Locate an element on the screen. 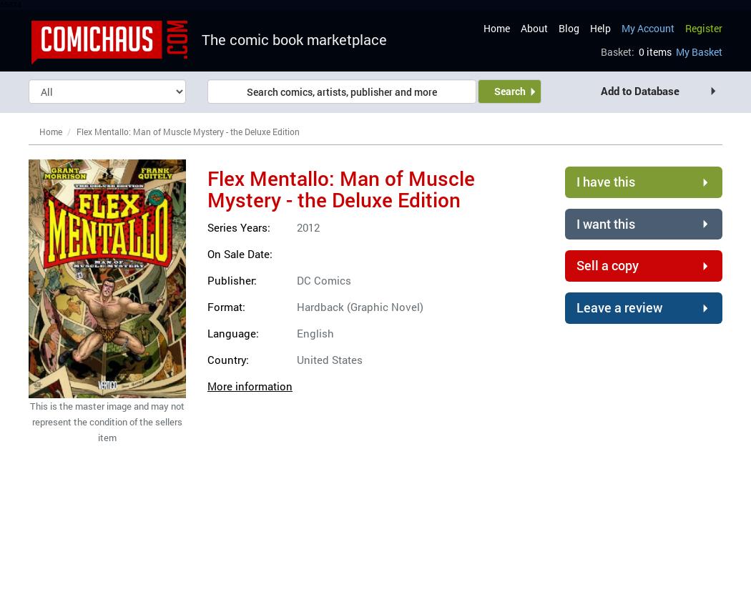  'My Basket' is located at coordinates (699, 51).